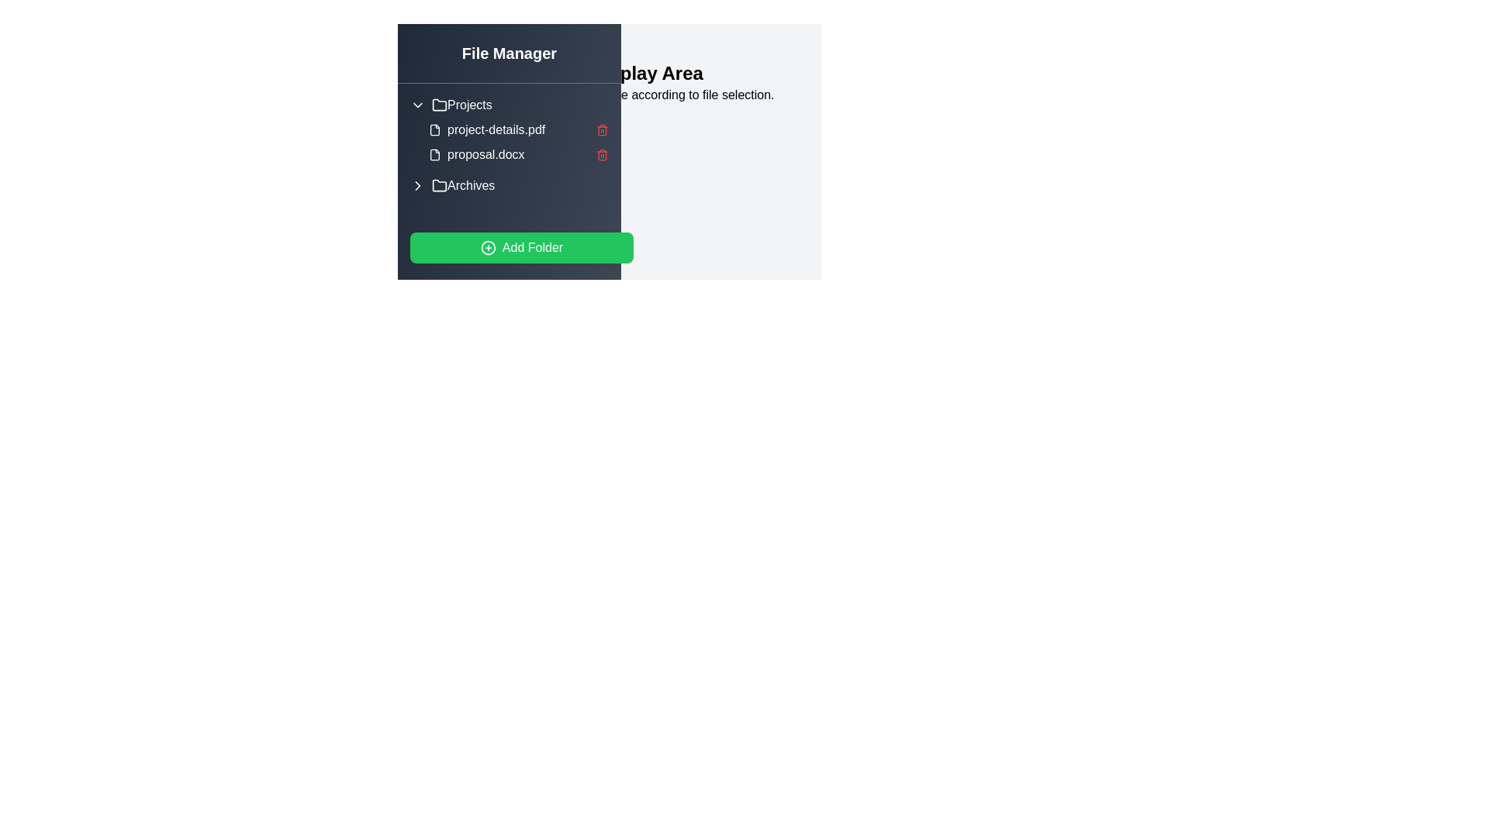  What do you see at coordinates (518, 143) in the screenshot?
I see `the delete icon next to the file names 'project-details.pdf' and 'proposal.docx' in the file list under the 'Projects' section` at bounding box center [518, 143].